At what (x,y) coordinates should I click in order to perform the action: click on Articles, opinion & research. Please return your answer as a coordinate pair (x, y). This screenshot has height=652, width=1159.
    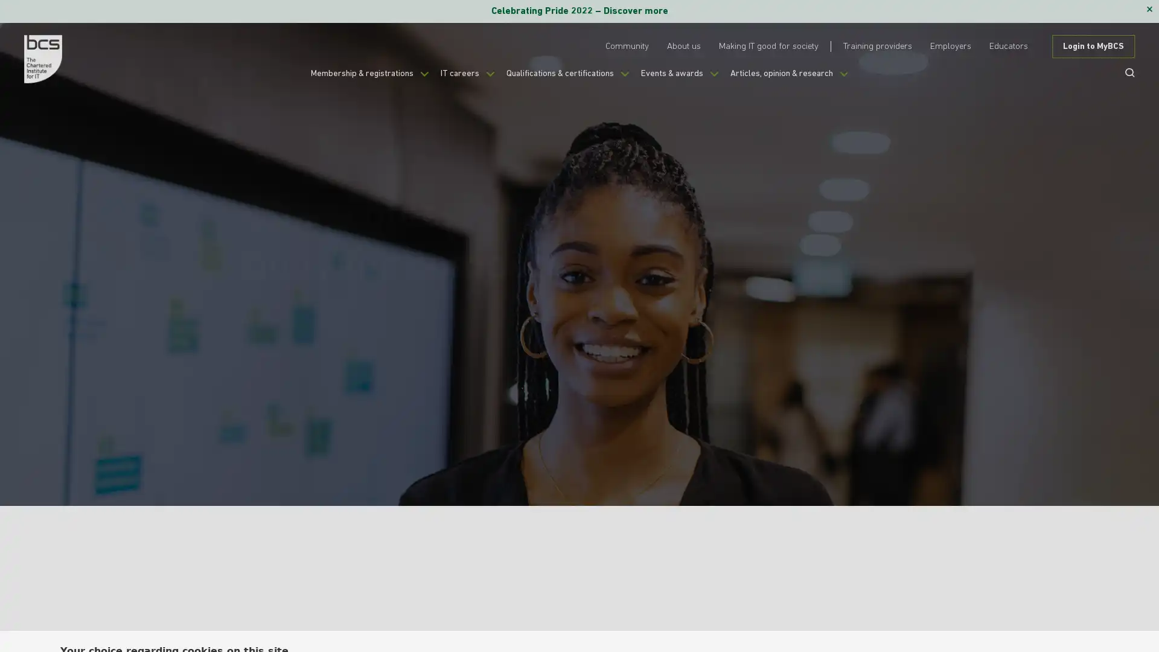
    Looking at the image, I should click on (811, 80).